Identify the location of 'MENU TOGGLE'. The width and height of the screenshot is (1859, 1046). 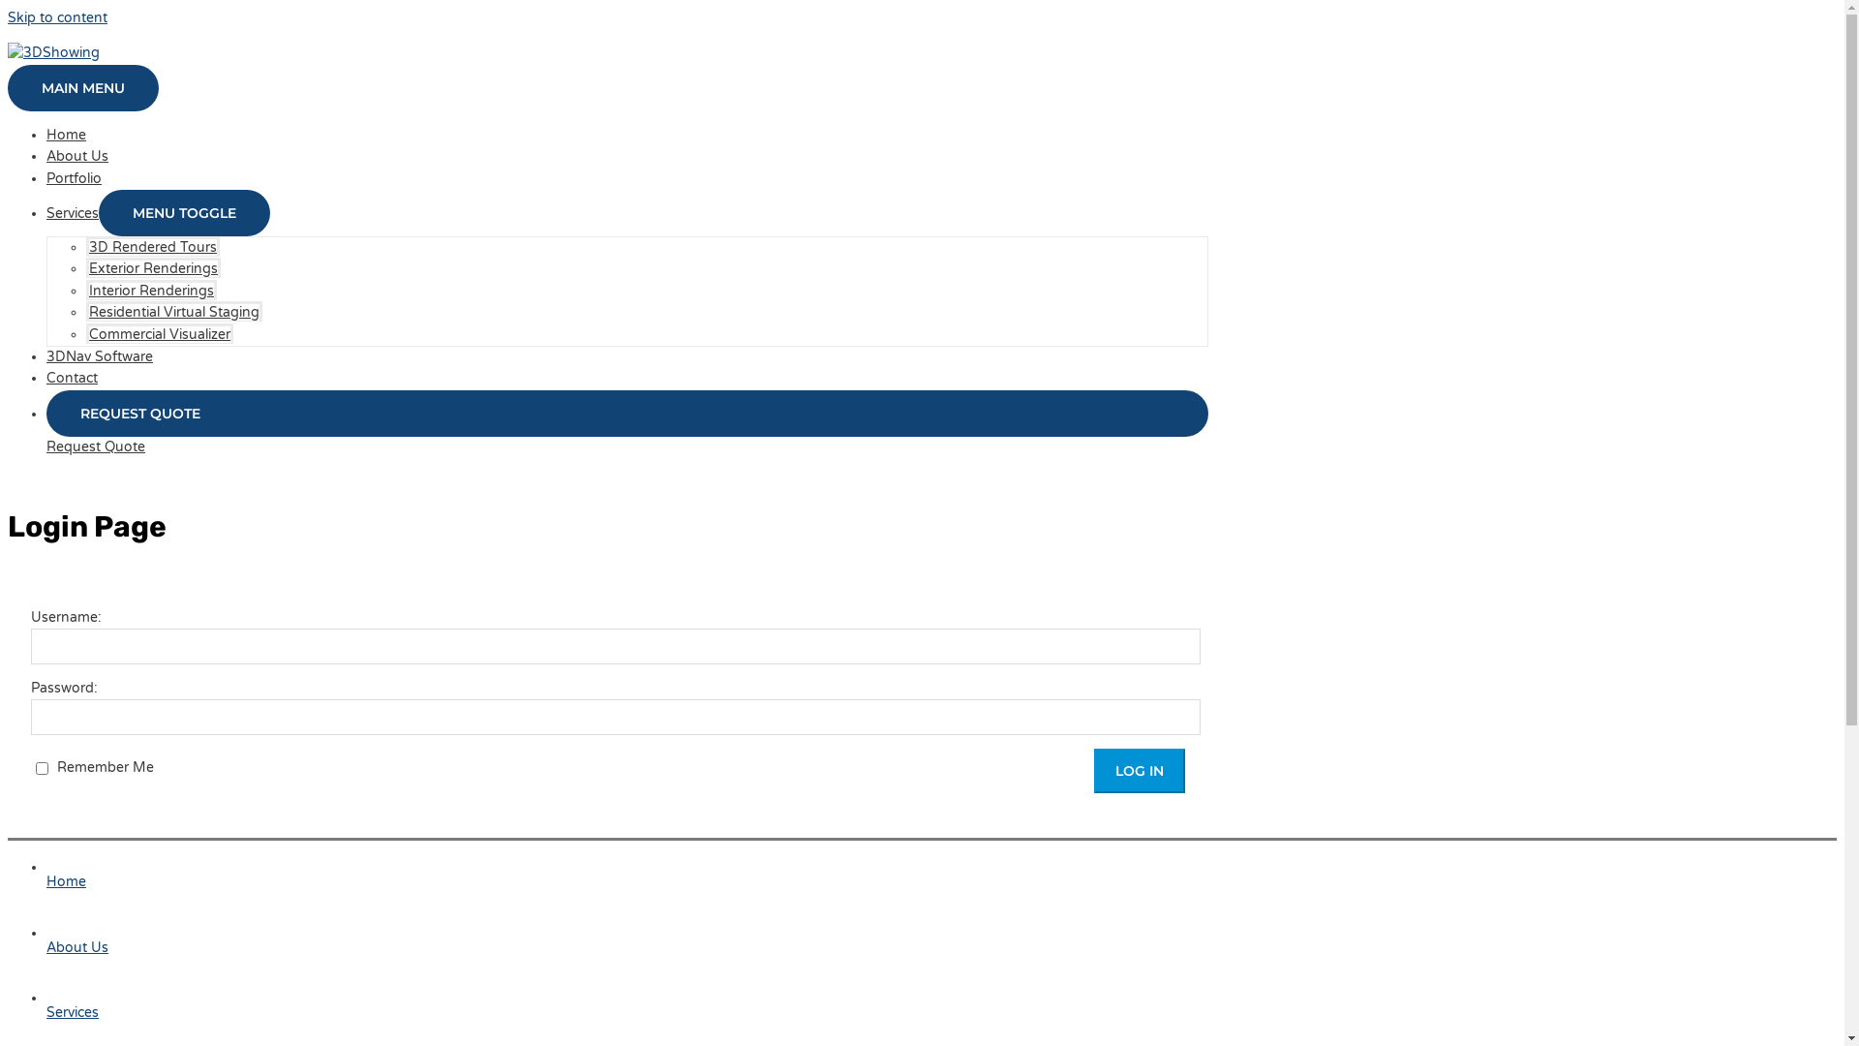
(184, 212).